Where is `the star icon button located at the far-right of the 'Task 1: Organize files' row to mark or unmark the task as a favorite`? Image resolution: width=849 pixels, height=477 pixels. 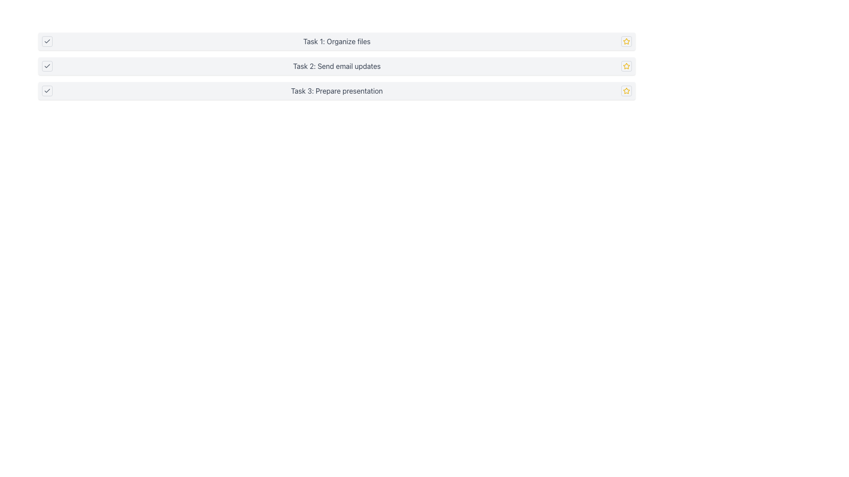
the star icon button located at the far-right of the 'Task 1: Organize files' row to mark or unmark the task as a favorite is located at coordinates (626, 41).